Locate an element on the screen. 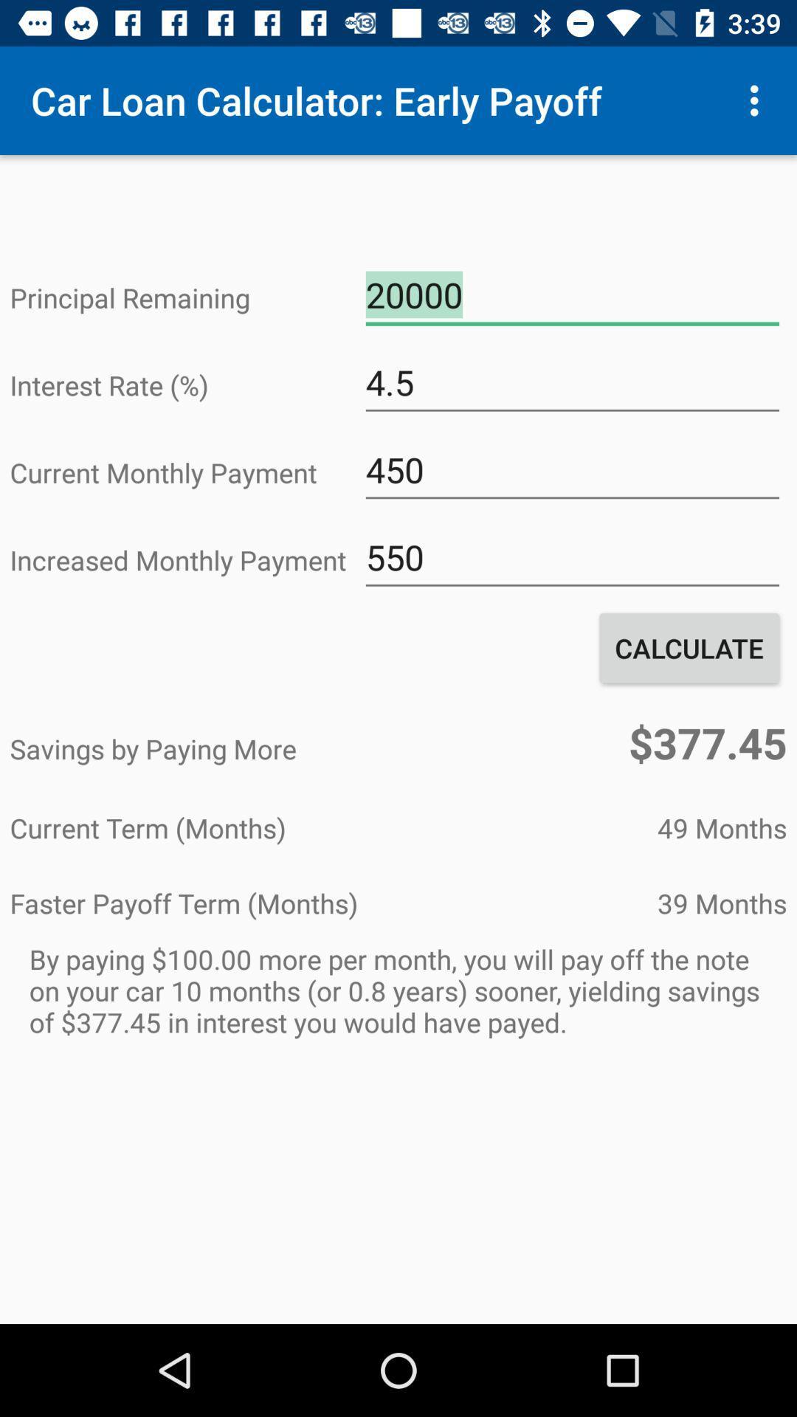 This screenshot has width=797, height=1417. icon next to interest rate (%) is located at coordinates (571, 382).